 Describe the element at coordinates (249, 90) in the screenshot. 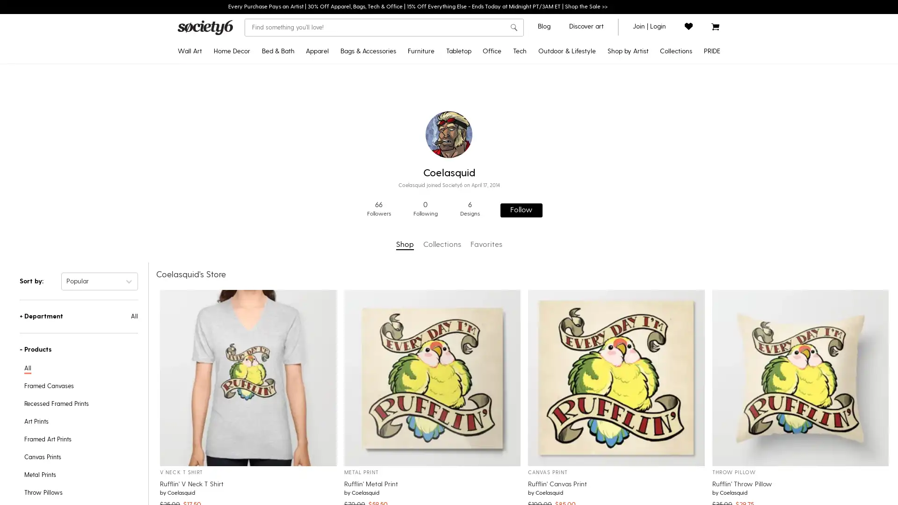

I see `Throw Pillows` at that location.